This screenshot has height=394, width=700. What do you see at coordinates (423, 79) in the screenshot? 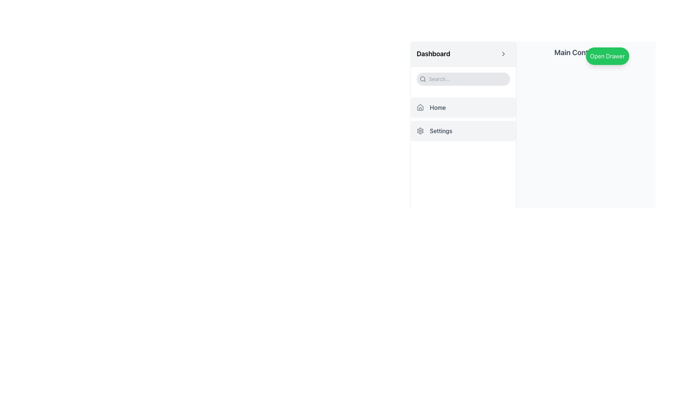
I see `the small circle in the SVG magnifying glass icon located at the top of the side navigation bar, which is styled with a gray border and no fill` at bounding box center [423, 79].